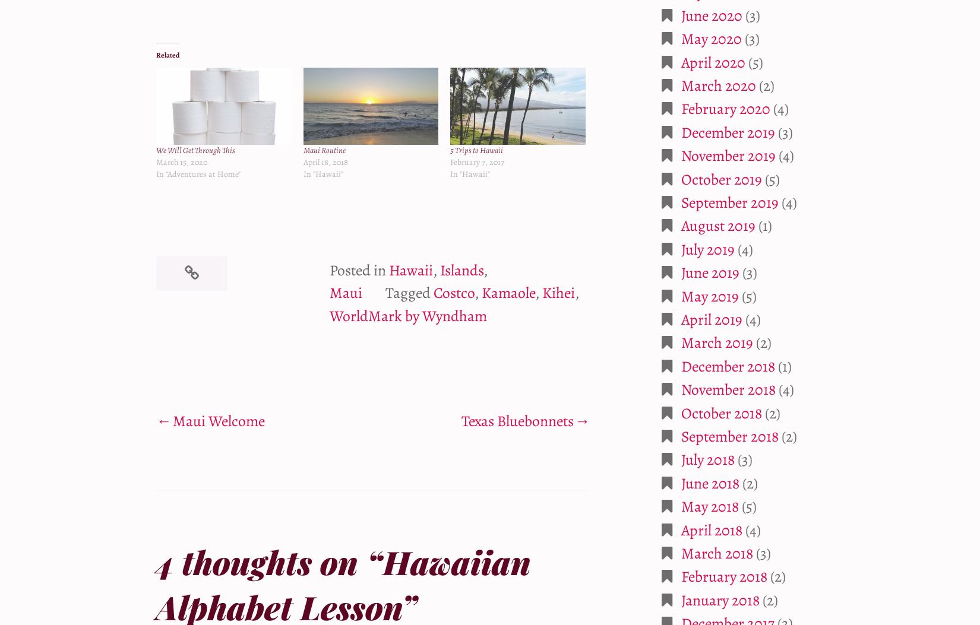 The height and width of the screenshot is (625, 980). Describe the element at coordinates (728, 132) in the screenshot. I see `'December 2019'` at that location.